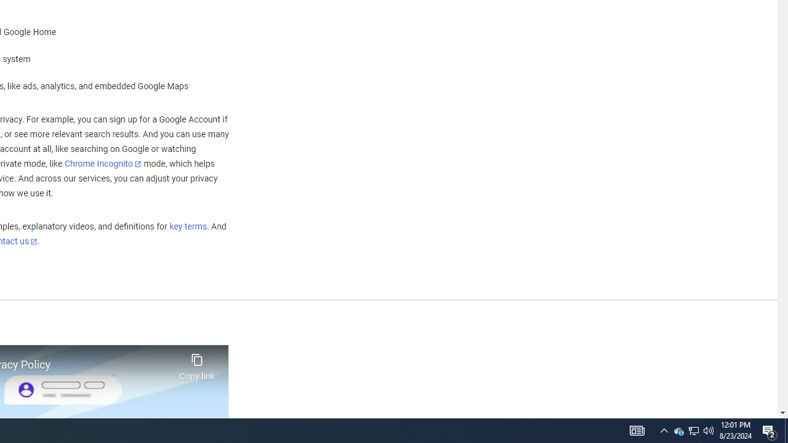 Image resolution: width=788 pixels, height=443 pixels. What do you see at coordinates (187, 226) in the screenshot?
I see `'key terms'` at bounding box center [187, 226].